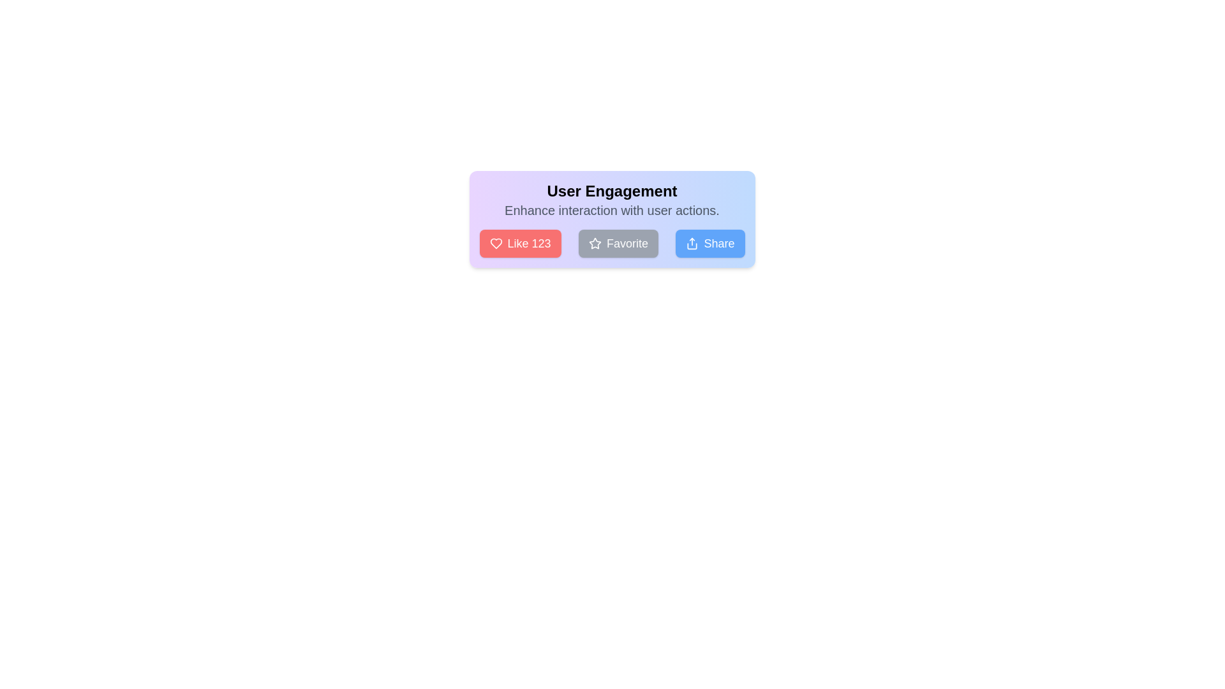 The width and height of the screenshot is (1225, 689). What do you see at coordinates (594, 243) in the screenshot?
I see `the 'favorite' icon located to the left of the 'Favorite' text, which is positioned between the 'Like 123' button and the 'Favorite' button` at bounding box center [594, 243].